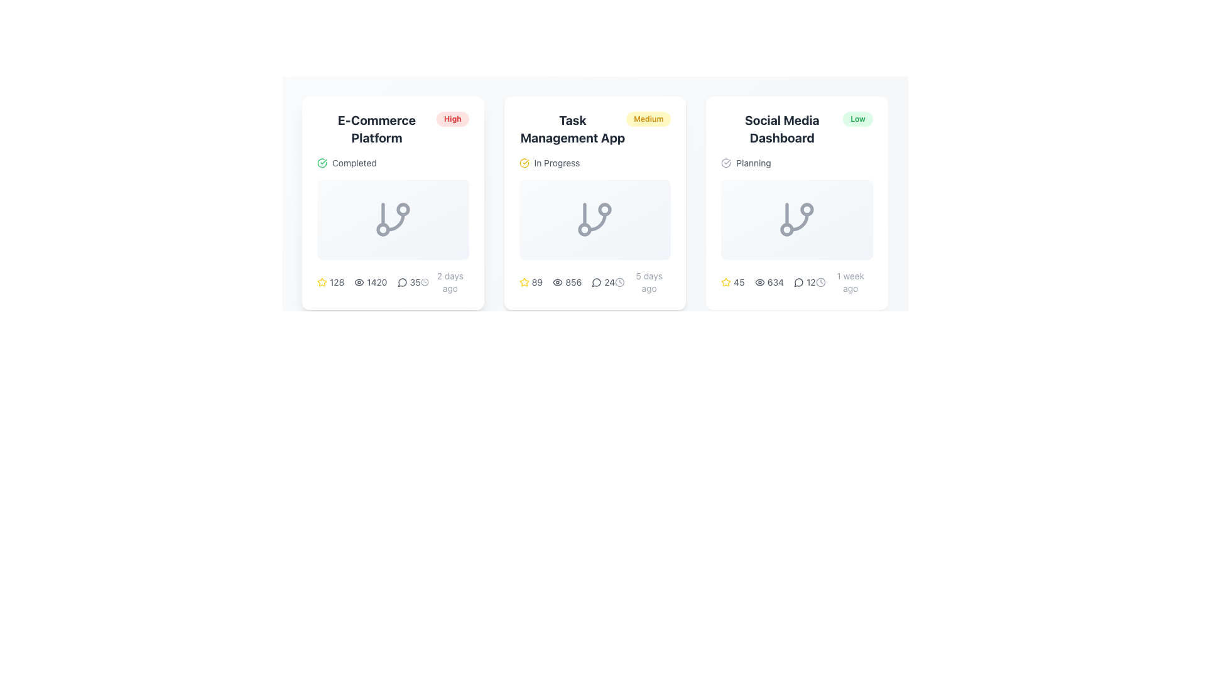 The width and height of the screenshot is (1206, 678). Describe the element at coordinates (732, 282) in the screenshot. I see `the number '45' in bold black text located within the Rating indicator at the bottom-left corner of the third card from the left` at that location.